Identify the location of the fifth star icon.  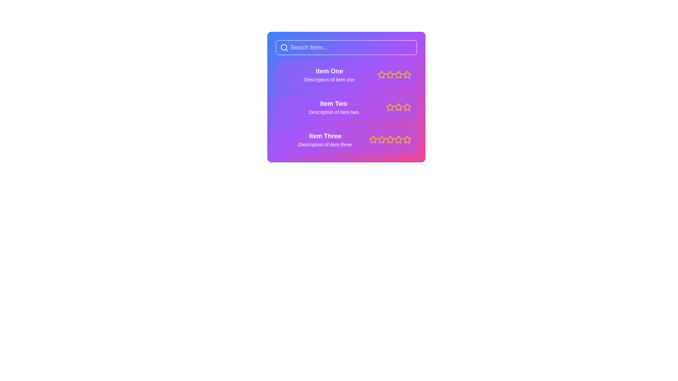
(398, 75).